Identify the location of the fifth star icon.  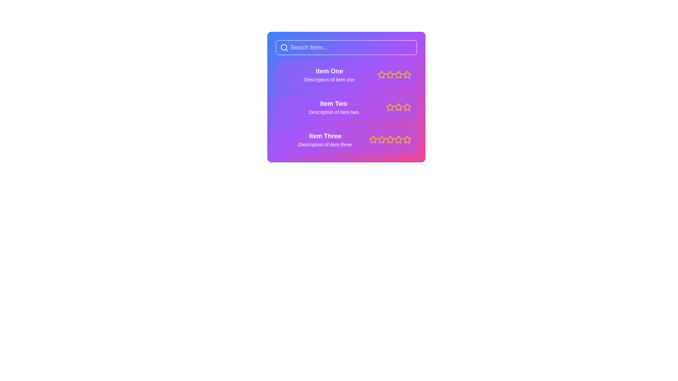
(398, 75).